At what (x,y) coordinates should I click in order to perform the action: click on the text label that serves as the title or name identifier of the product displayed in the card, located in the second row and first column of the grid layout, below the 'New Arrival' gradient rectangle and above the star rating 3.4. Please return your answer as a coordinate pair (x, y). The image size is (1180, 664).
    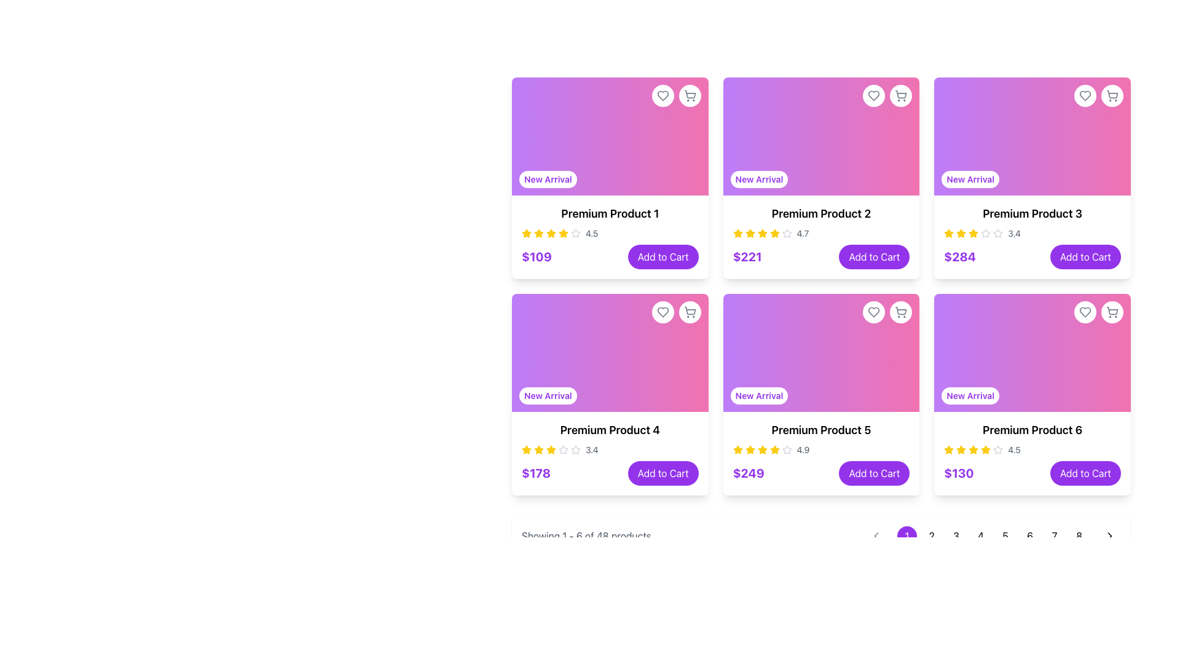
    Looking at the image, I should click on (610, 429).